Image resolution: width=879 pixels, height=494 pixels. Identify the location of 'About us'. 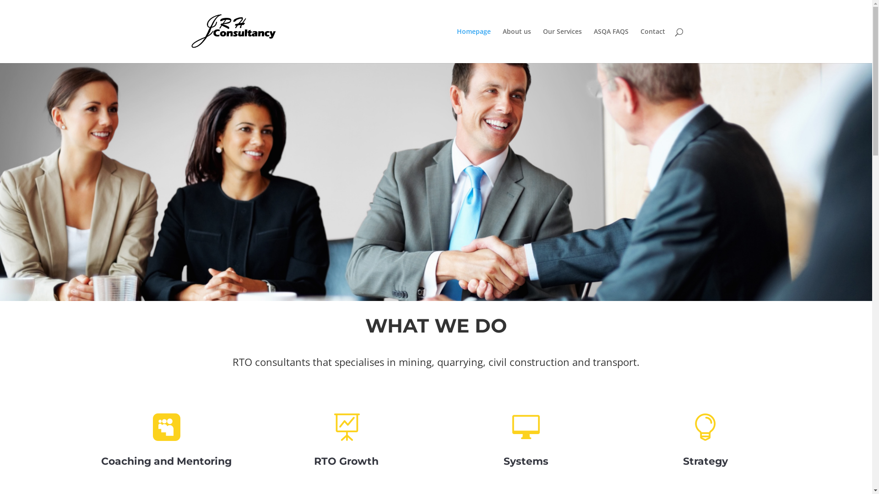
(516, 46).